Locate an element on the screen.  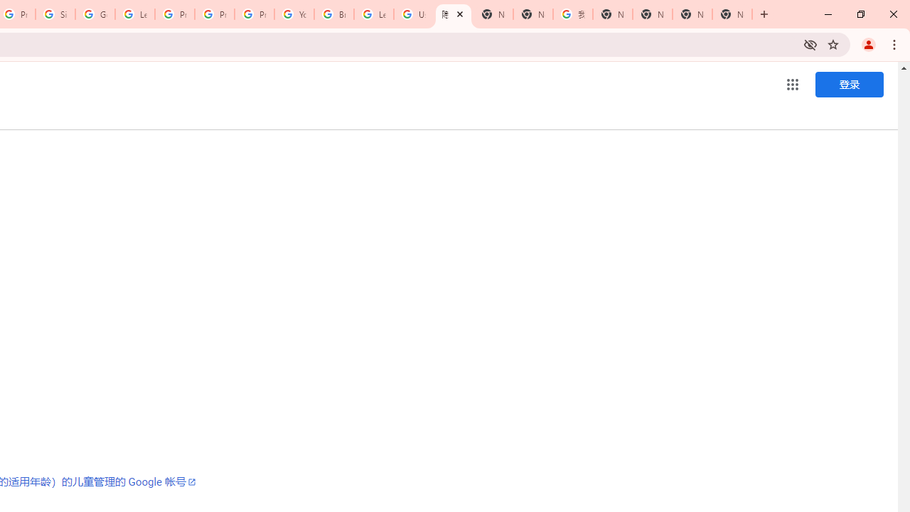
'Sign in - Google Accounts' is located at coordinates (55, 14).